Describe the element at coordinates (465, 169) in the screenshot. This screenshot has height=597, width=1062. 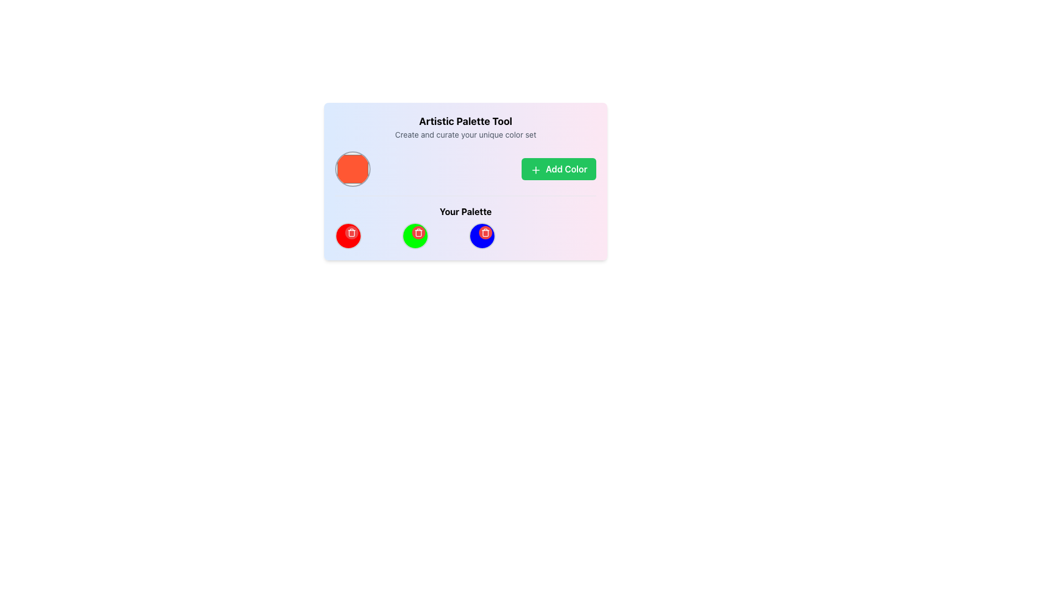
I see `a color using the color picker located in the second section of the 'Artistic Palette Tool' interface, just above the 'Your Palette' section` at that location.